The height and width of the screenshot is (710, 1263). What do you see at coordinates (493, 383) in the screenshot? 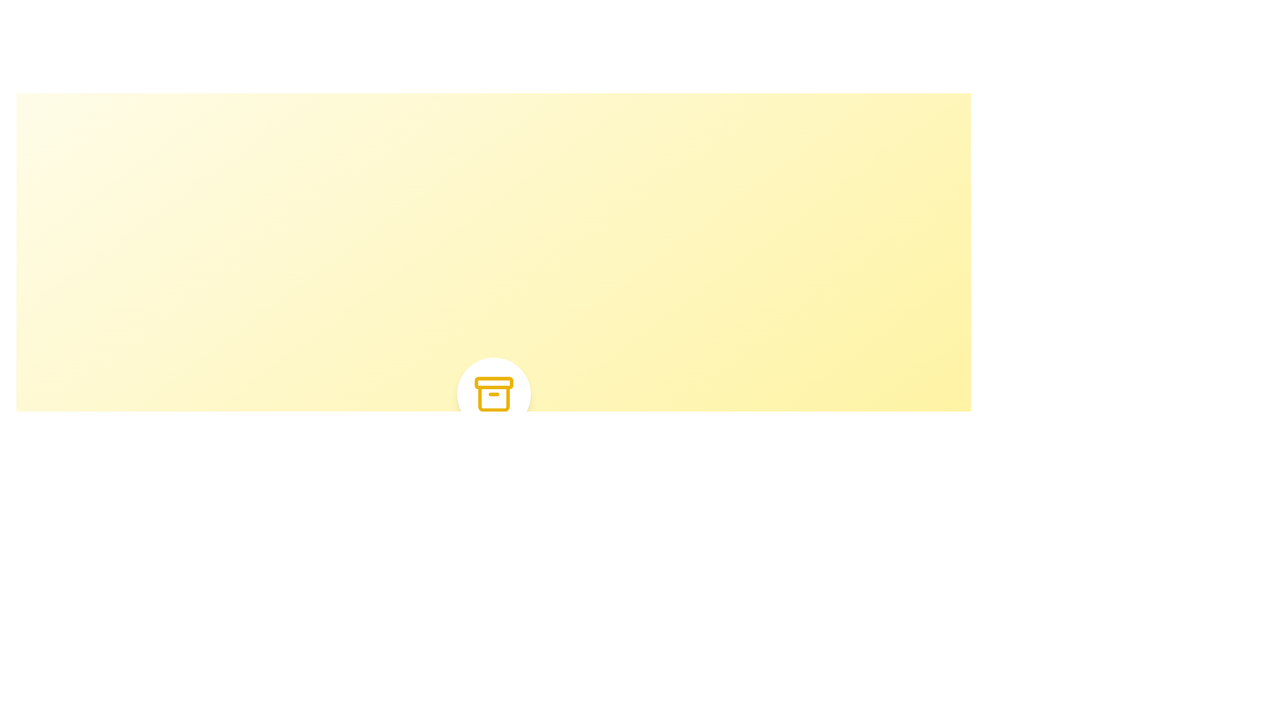
I see `graphical illustration component of the archive icon, which is the topmost rectangular segment of the icon, using developer tools` at bounding box center [493, 383].